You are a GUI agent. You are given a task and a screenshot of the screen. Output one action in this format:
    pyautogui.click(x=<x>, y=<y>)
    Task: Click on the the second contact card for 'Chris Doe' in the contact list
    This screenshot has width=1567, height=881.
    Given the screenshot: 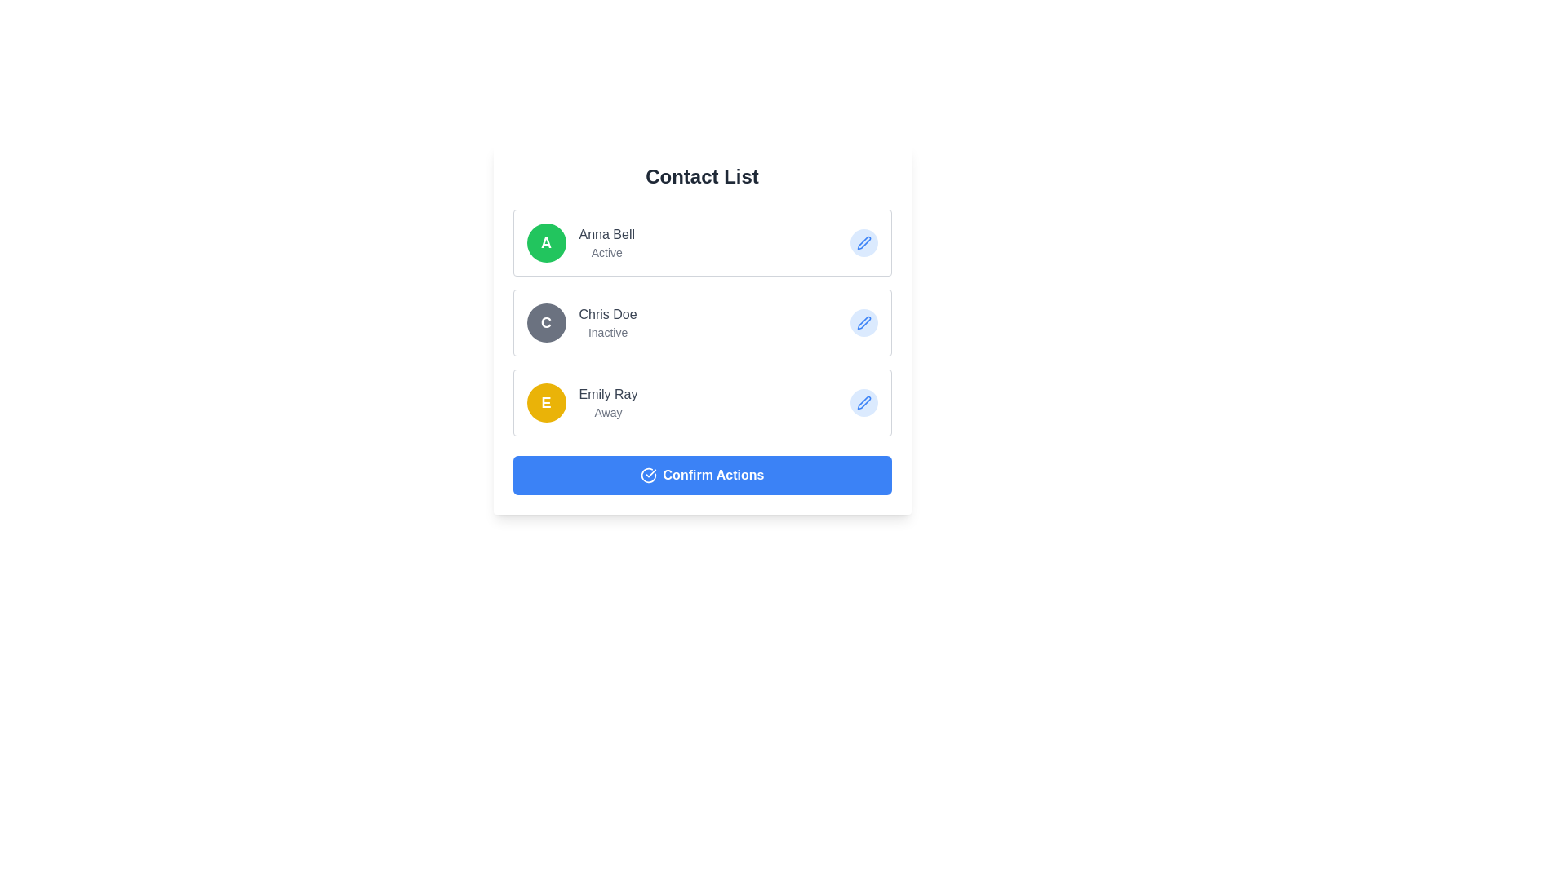 What is the action you would take?
    pyautogui.click(x=702, y=330)
    